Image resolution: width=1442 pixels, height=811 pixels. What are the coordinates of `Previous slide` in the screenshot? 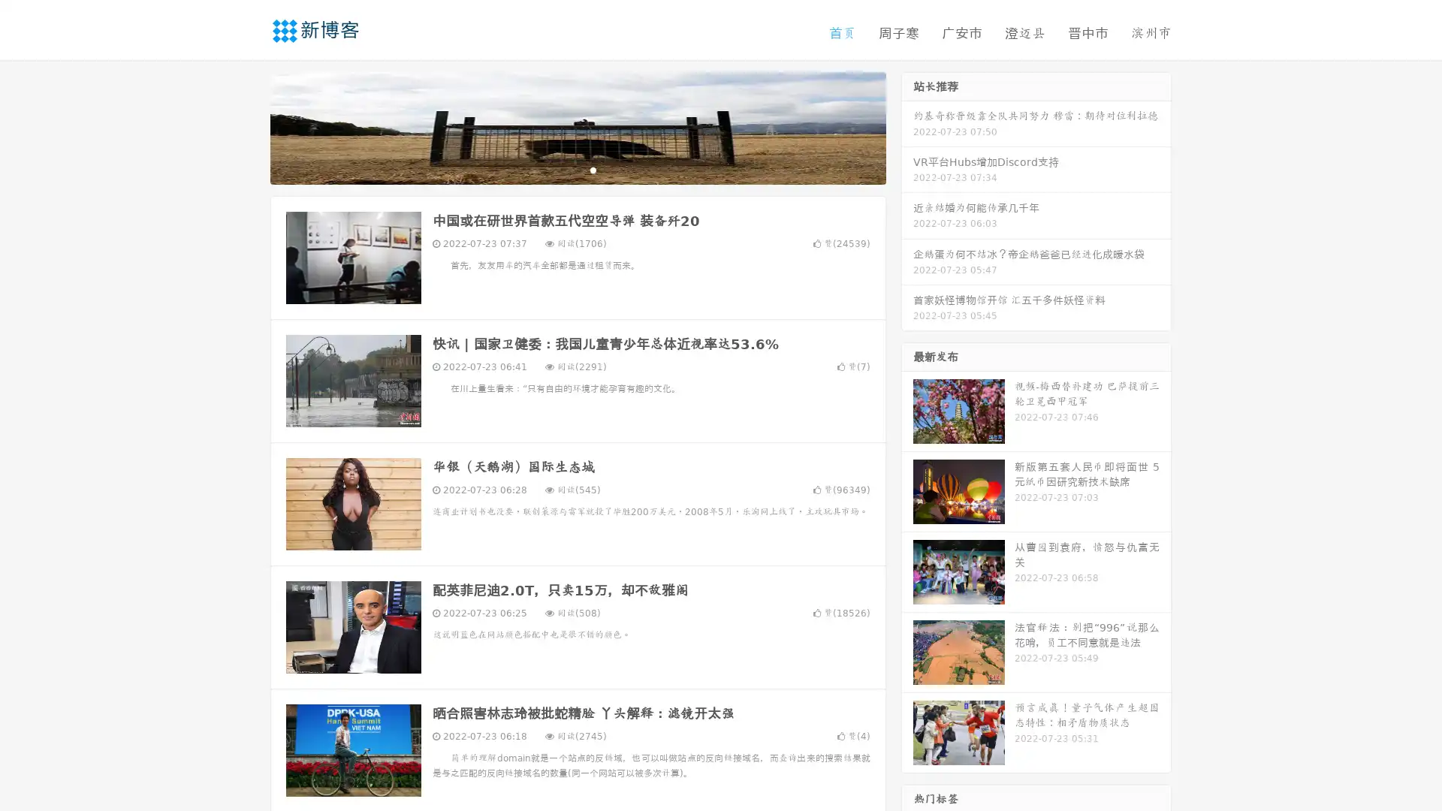 It's located at (248, 126).